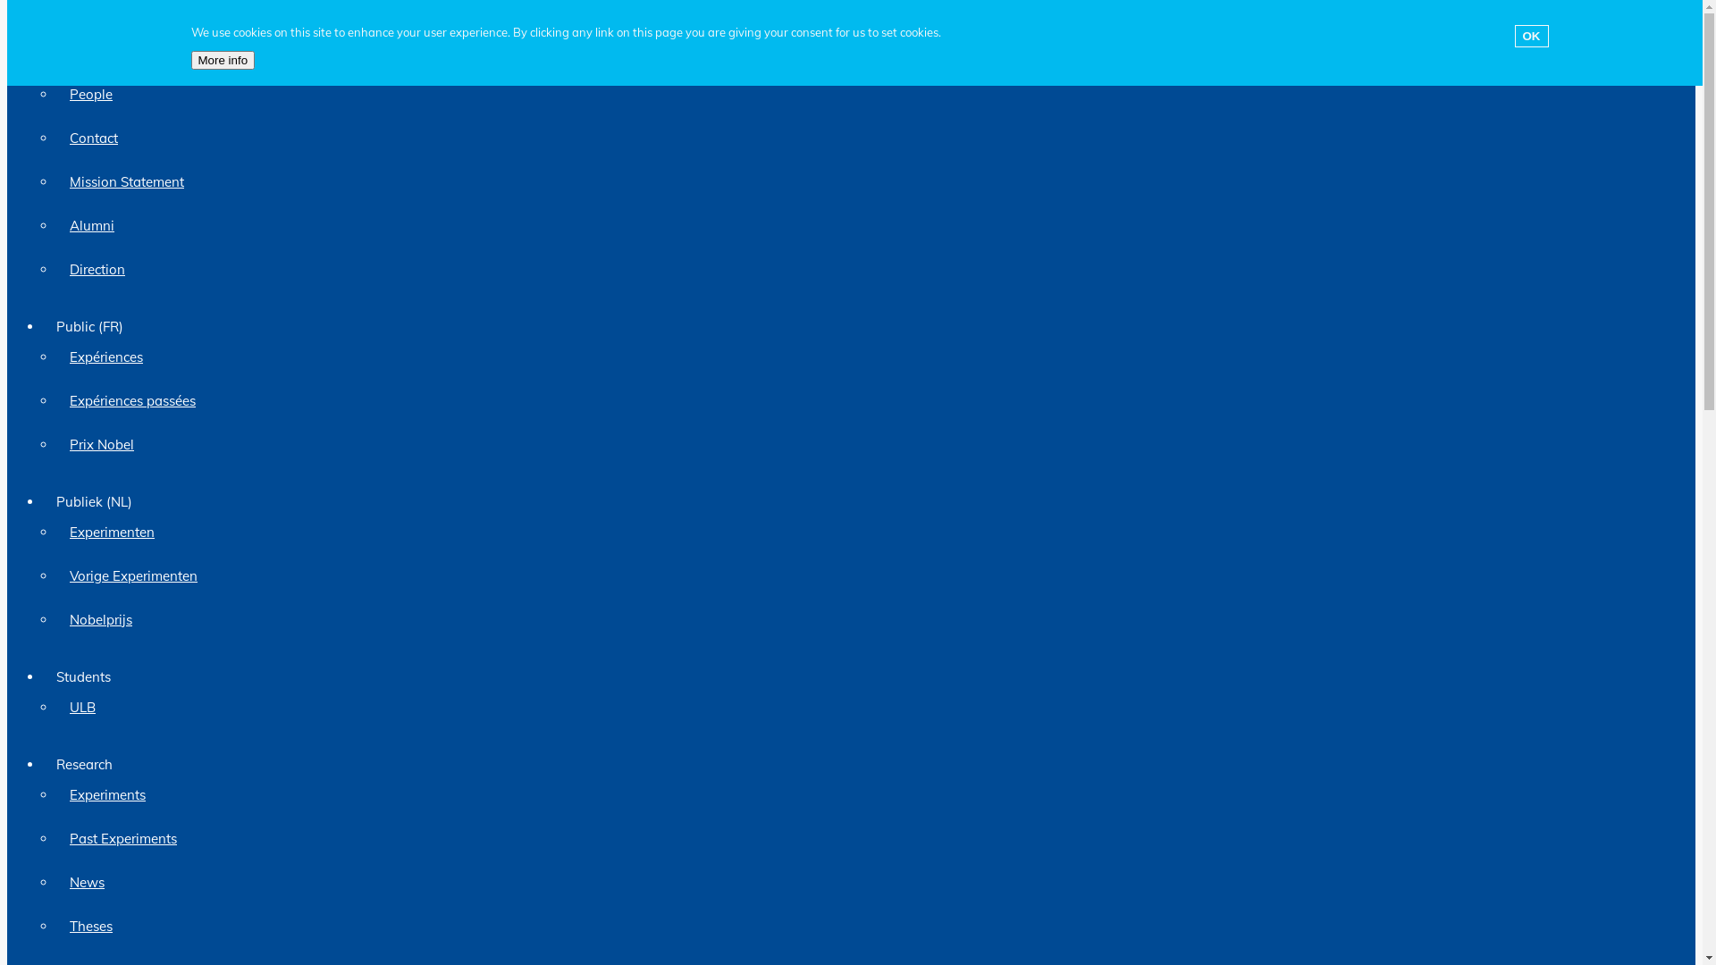 The image size is (1716, 965). I want to click on 'Mission Statement', so click(69, 181).